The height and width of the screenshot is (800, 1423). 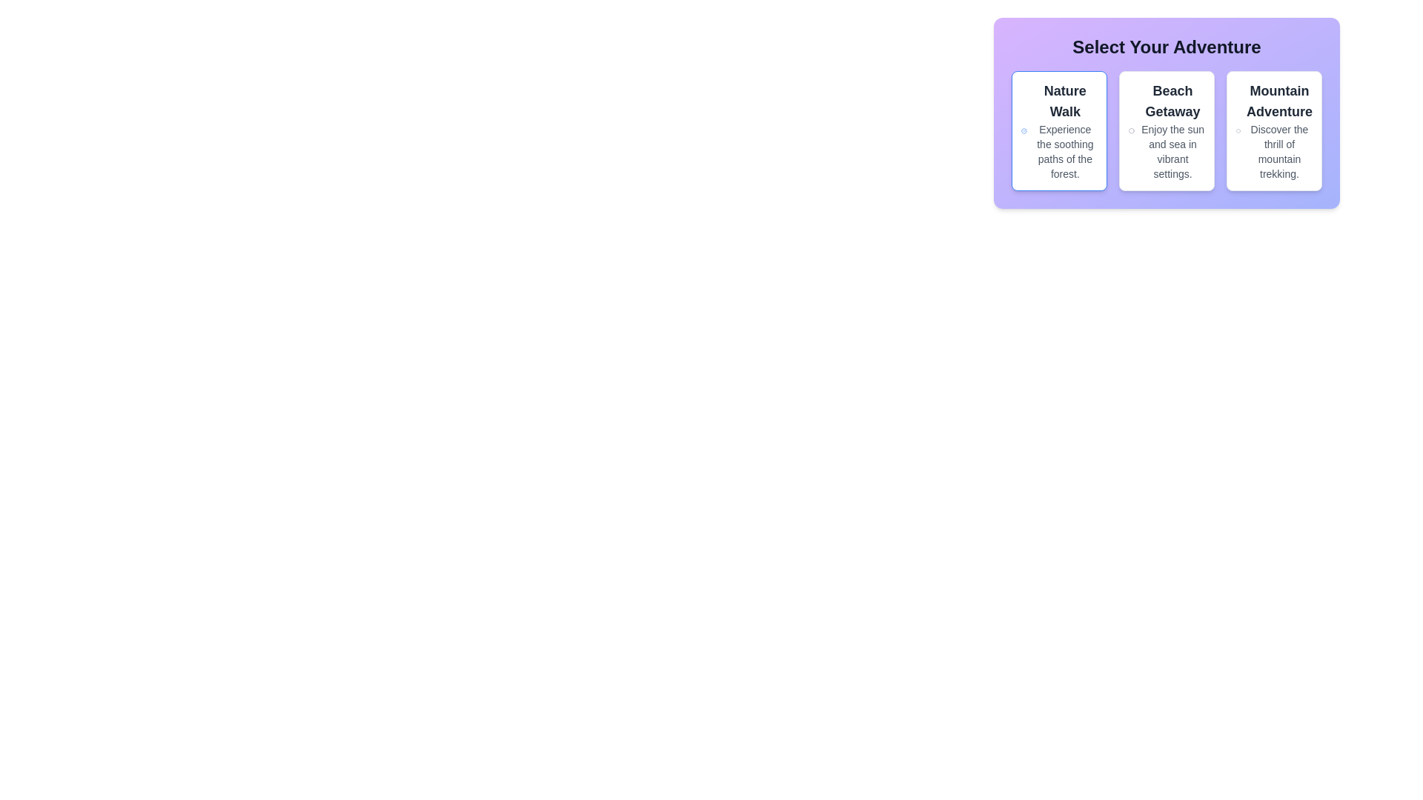 I want to click on the Interactive card group titled 'Select Your Adventure', so click(x=1166, y=113).